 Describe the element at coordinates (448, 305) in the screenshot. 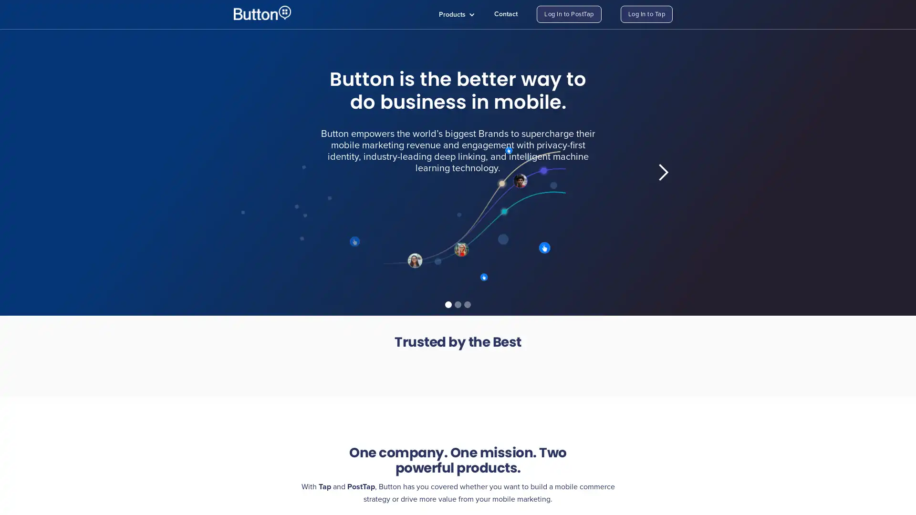

I see `Show slide 1 of 3` at that location.